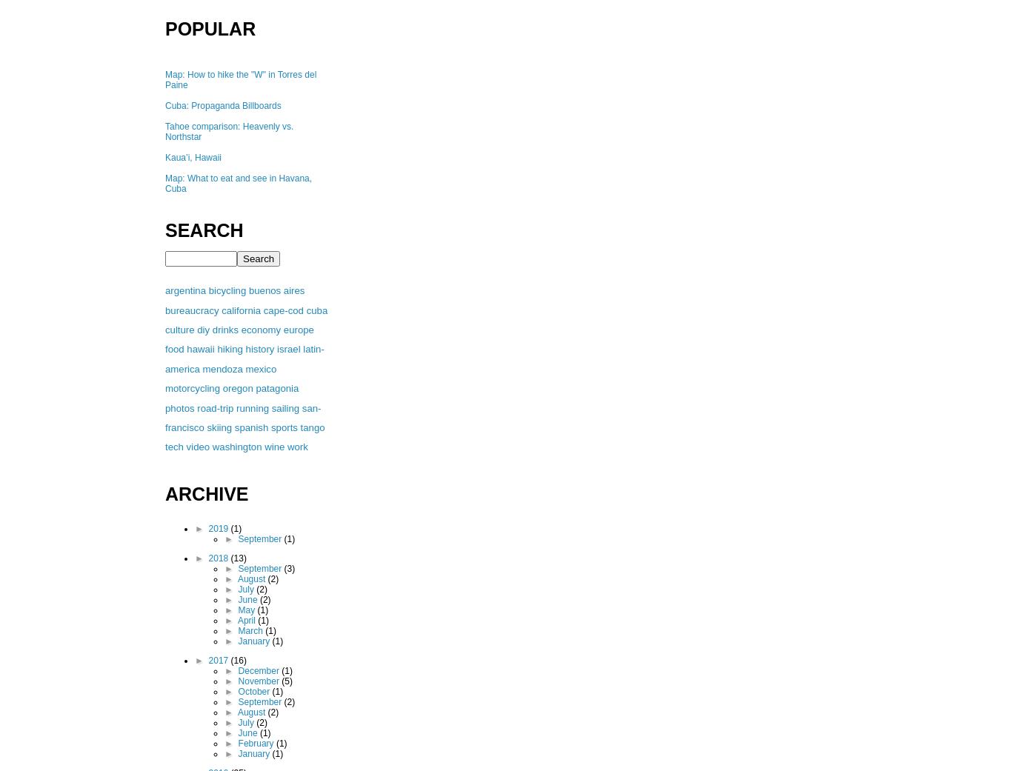  What do you see at coordinates (264, 447) in the screenshot?
I see `'wine'` at bounding box center [264, 447].